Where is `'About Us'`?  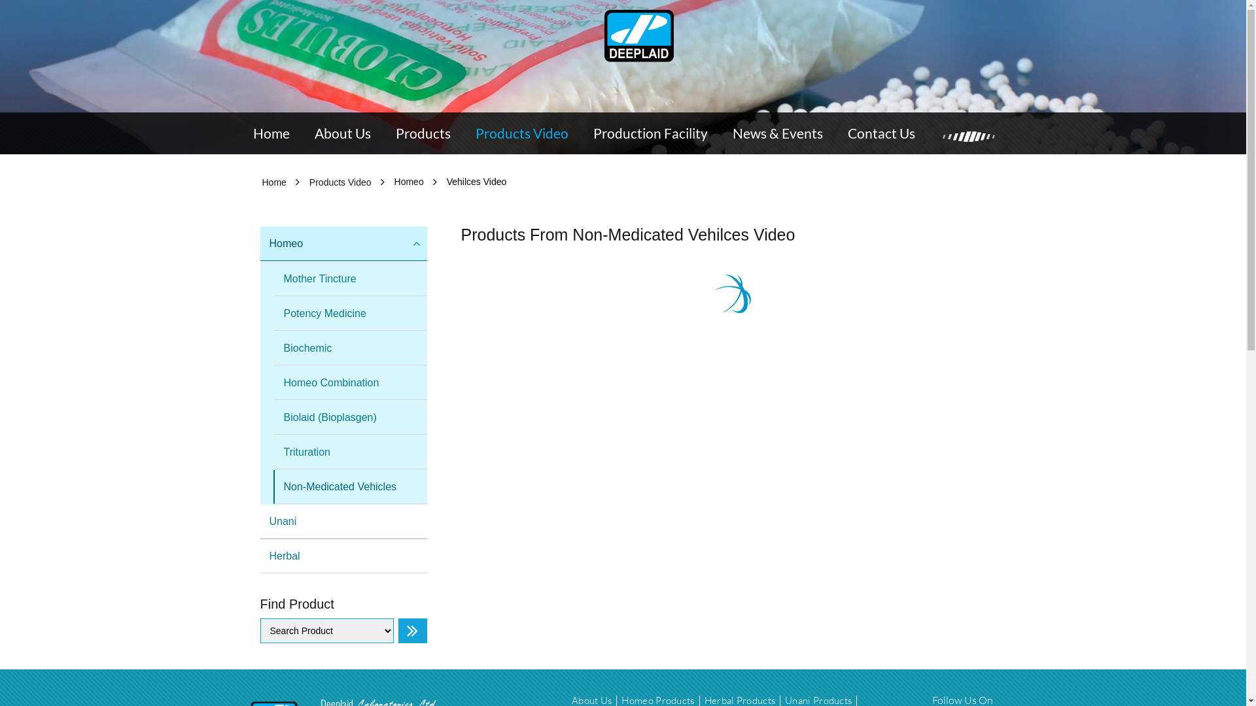 'About Us' is located at coordinates (342, 133).